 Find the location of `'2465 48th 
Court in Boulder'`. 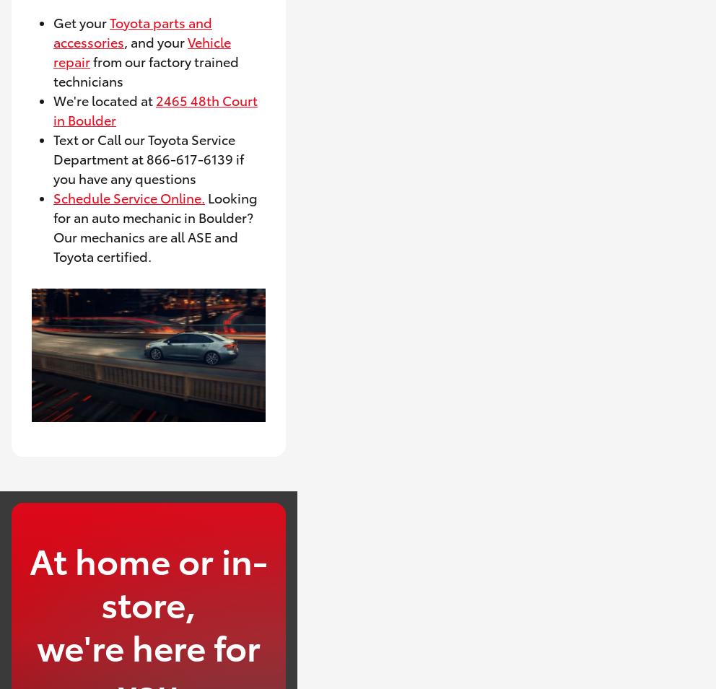

'2465 48th 
Court in Boulder' is located at coordinates (53, 107).